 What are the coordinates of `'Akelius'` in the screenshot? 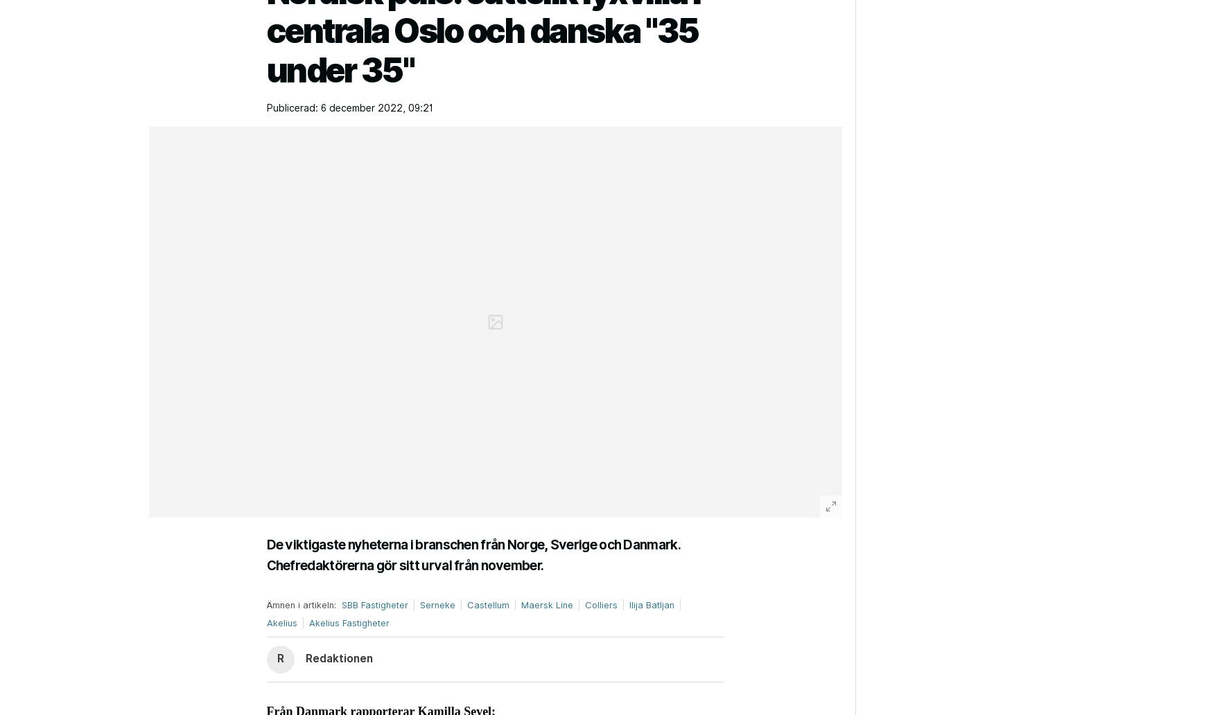 It's located at (281, 622).